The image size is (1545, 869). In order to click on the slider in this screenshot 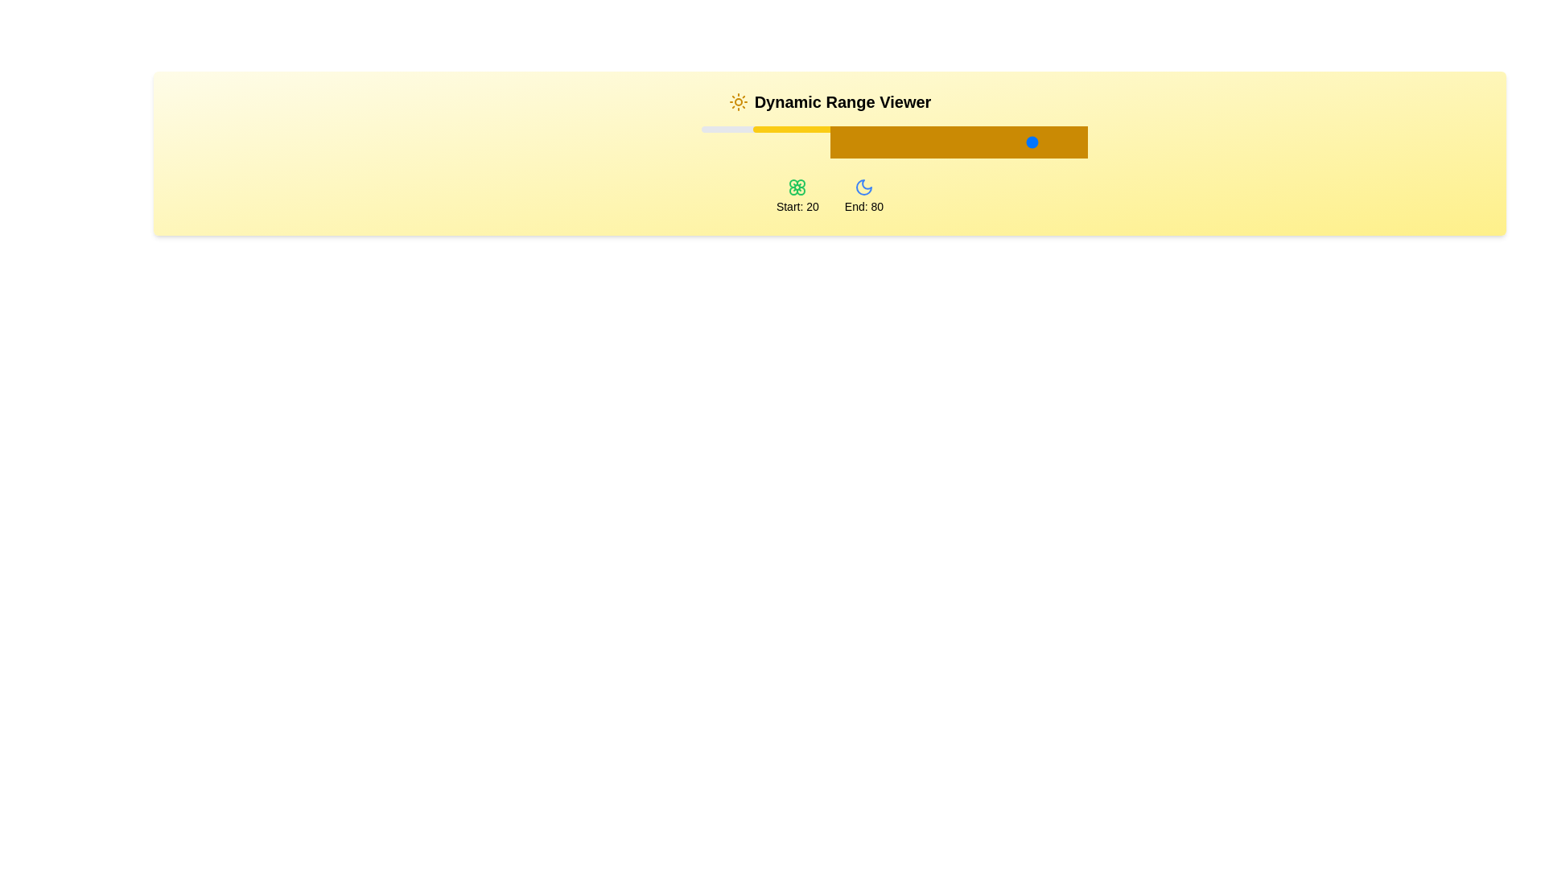, I will do `click(935, 129)`.